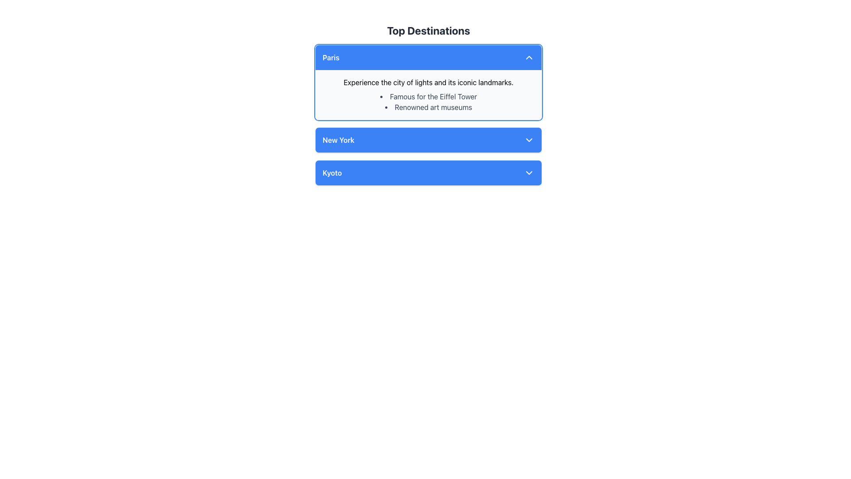 Image resolution: width=851 pixels, height=479 pixels. I want to click on descriptive text about the city of Paris located in the dropdown section titled 'Paris' in the 'Top Destinations' list, positioned directly below the title 'Paris.', so click(428, 82).